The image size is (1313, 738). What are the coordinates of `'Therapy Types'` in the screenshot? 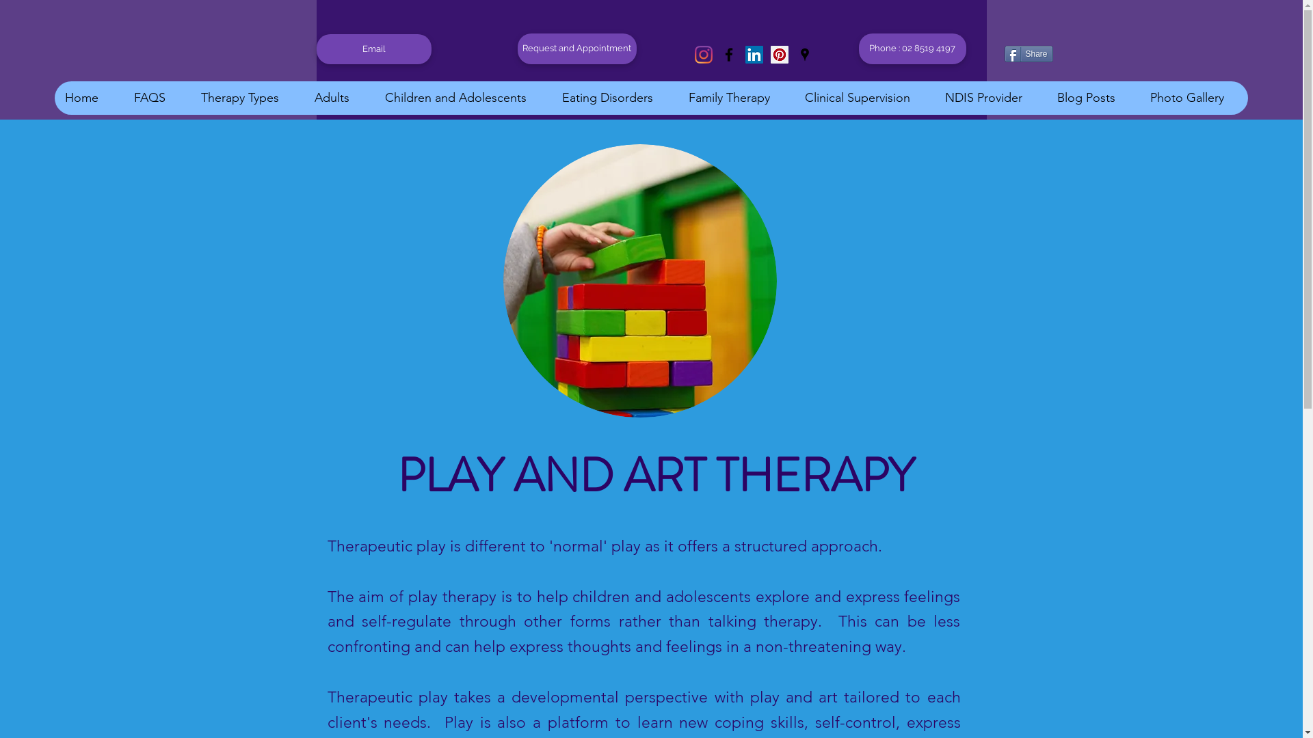 It's located at (246, 97).